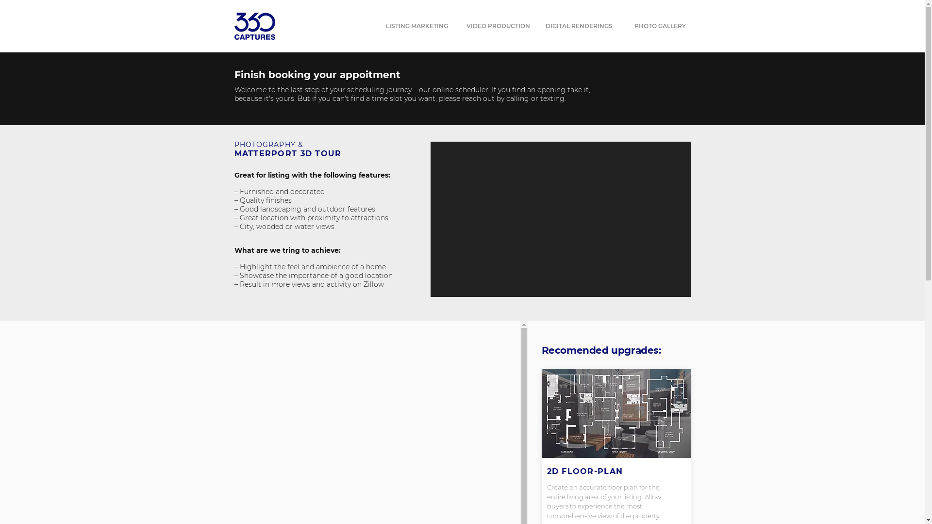 This screenshot has height=524, width=932. What do you see at coordinates (659, 26) in the screenshot?
I see `'PHOTO GALLERY'` at bounding box center [659, 26].